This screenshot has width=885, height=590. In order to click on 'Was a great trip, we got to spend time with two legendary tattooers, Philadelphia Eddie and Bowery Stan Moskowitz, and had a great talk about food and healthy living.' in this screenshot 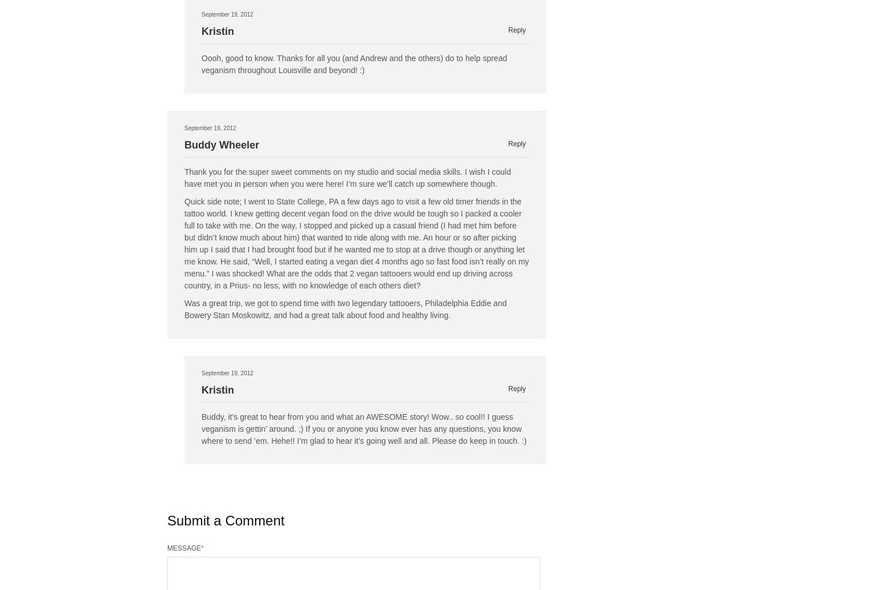, I will do `click(345, 308)`.